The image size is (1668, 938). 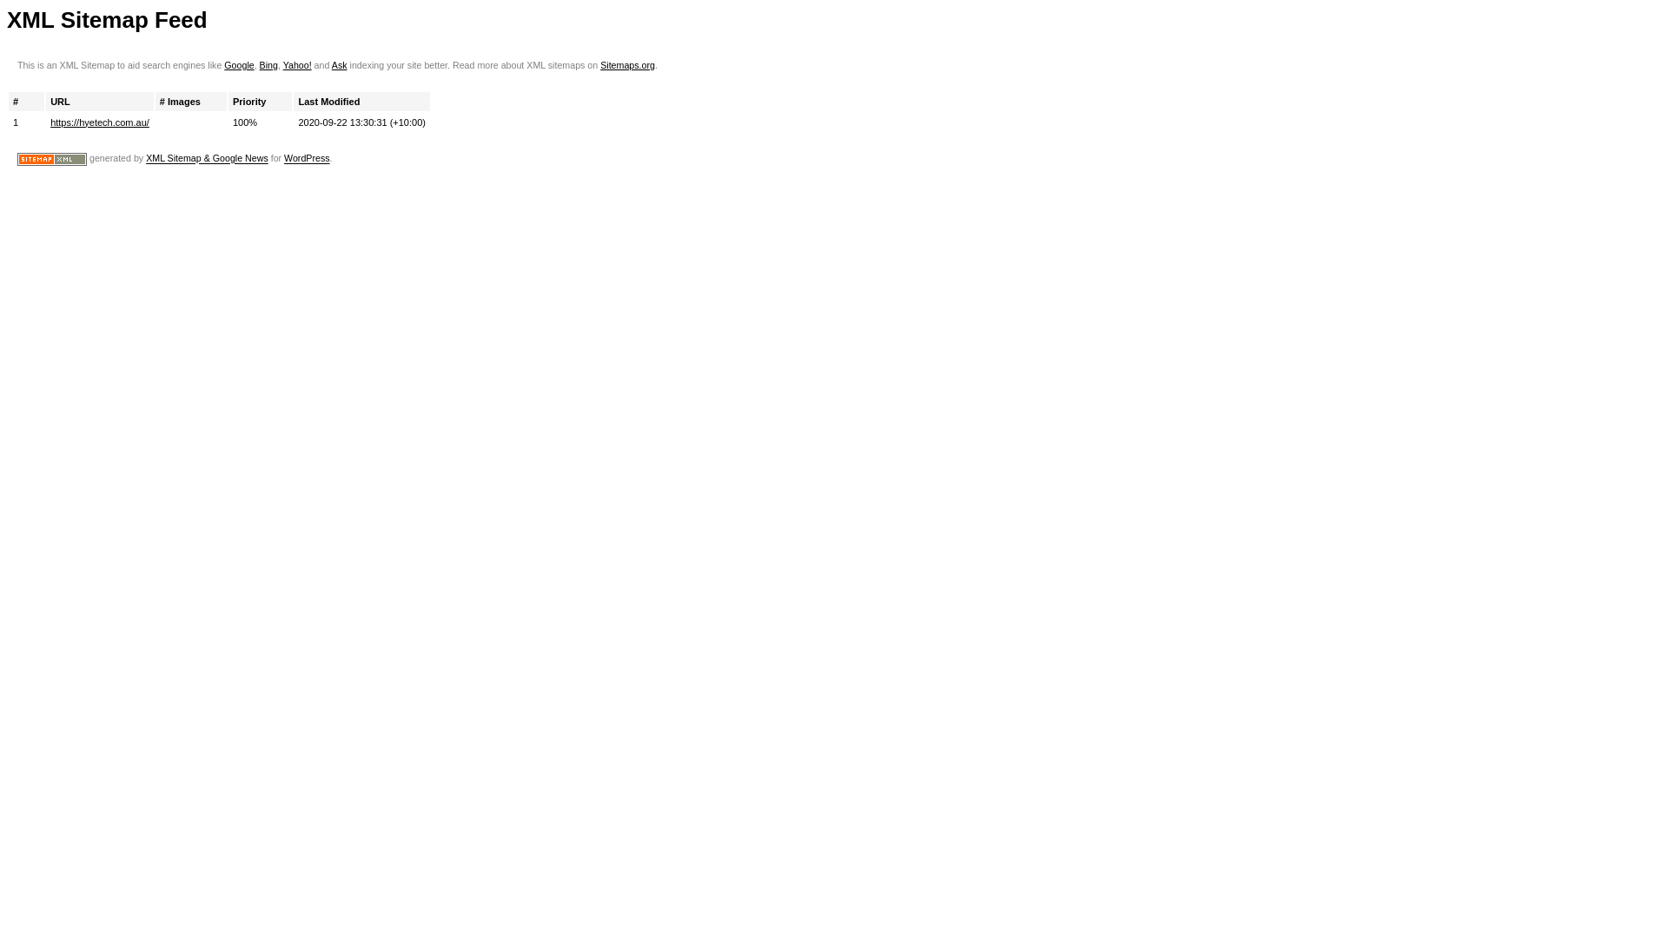 What do you see at coordinates (626, 63) in the screenshot?
I see `'Sitemaps.org'` at bounding box center [626, 63].